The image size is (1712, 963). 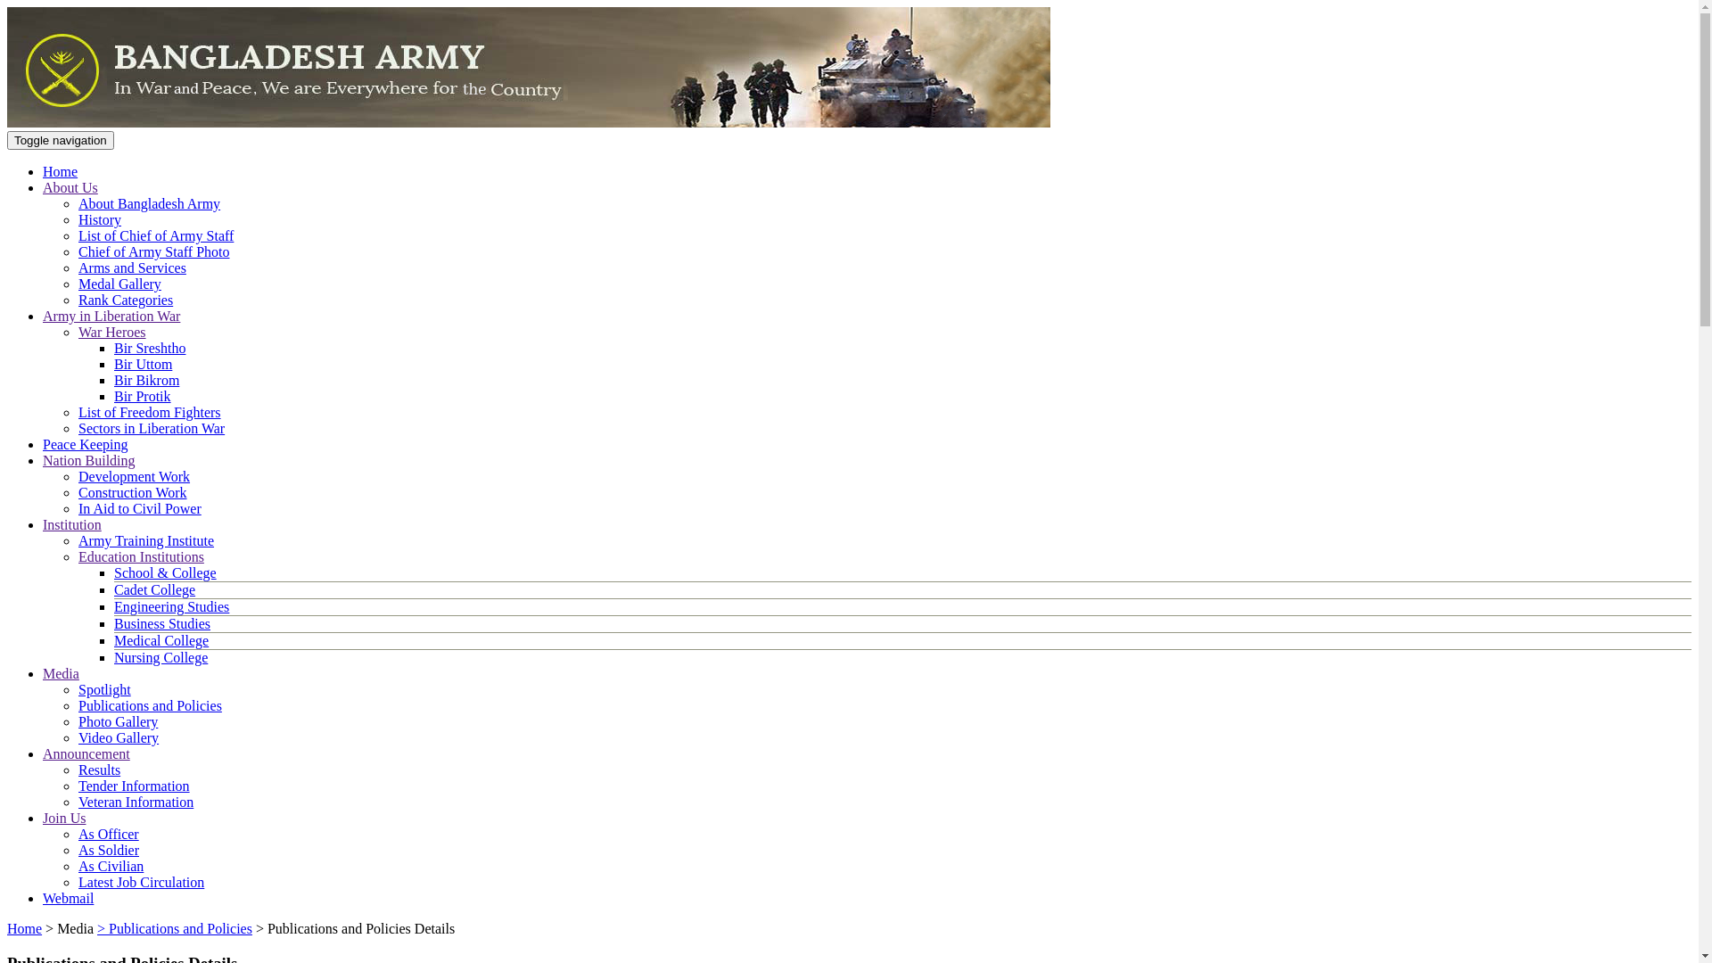 What do you see at coordinates (146, 379) in the screenshot?
I see `'Bir Bikrom'` at bounding box center [146, 379].